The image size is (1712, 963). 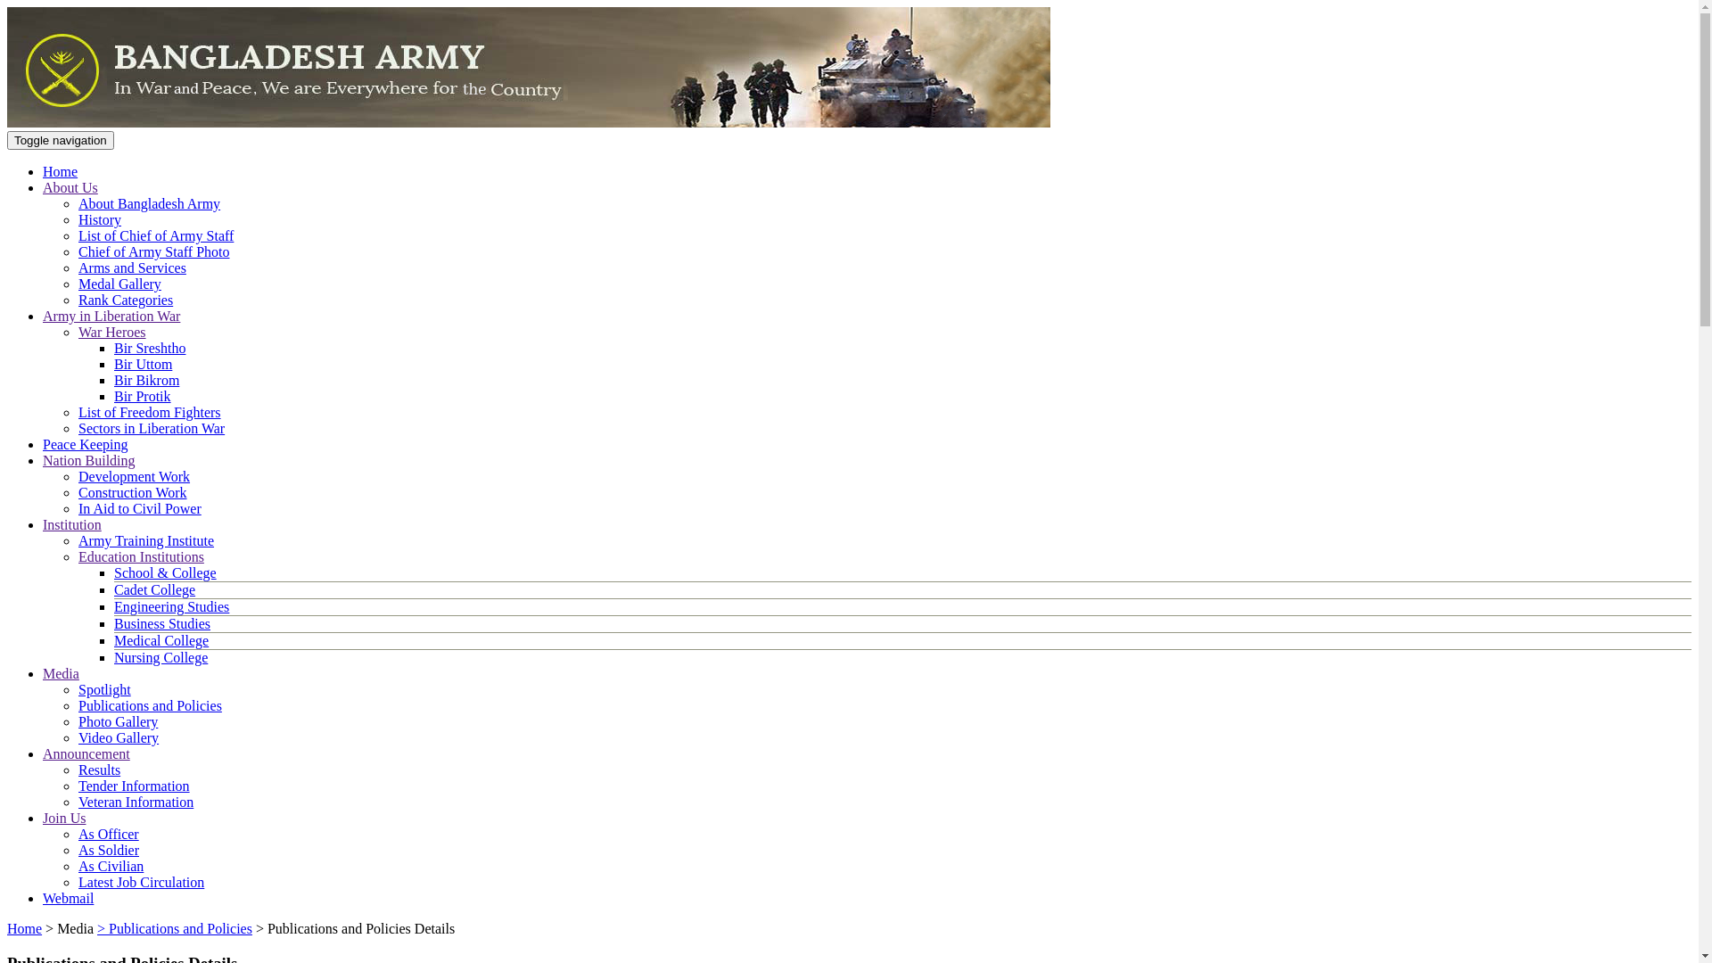 What do you see at coordinates (146, 379) in the screenshot?
I see `'Bir Bikrom'` at bounding box center [146, 379].